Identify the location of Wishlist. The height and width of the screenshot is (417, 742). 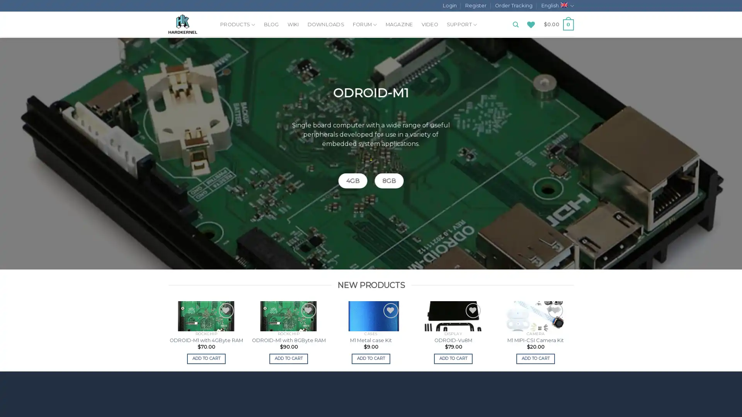
(61, 310).